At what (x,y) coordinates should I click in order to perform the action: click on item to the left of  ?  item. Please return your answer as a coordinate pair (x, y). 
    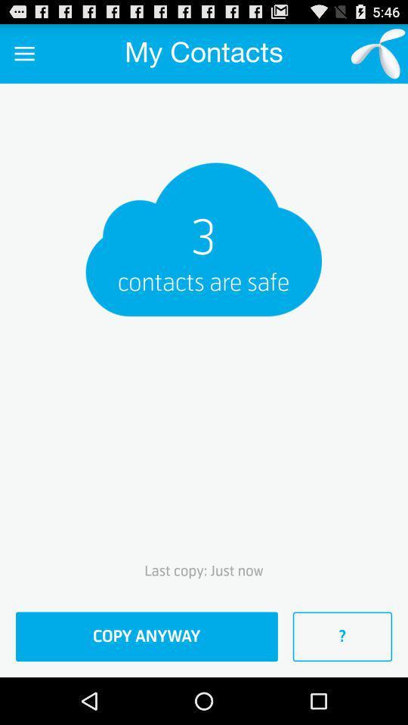
    Looking at the image, I should click on (147, 636).